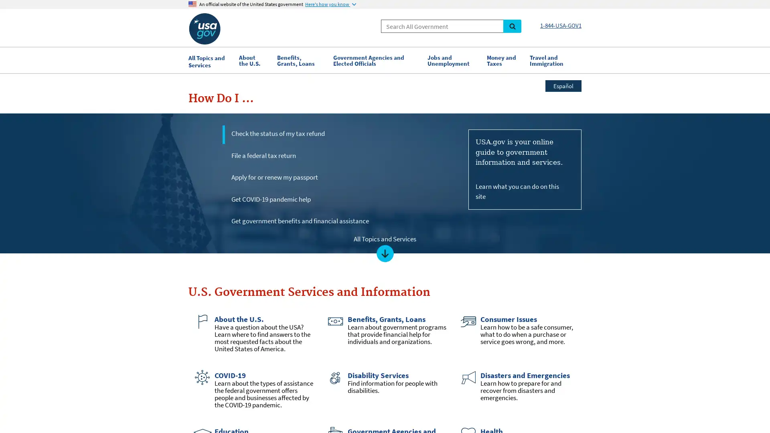  I want to click on Money and Taxes, so click(504, 60).